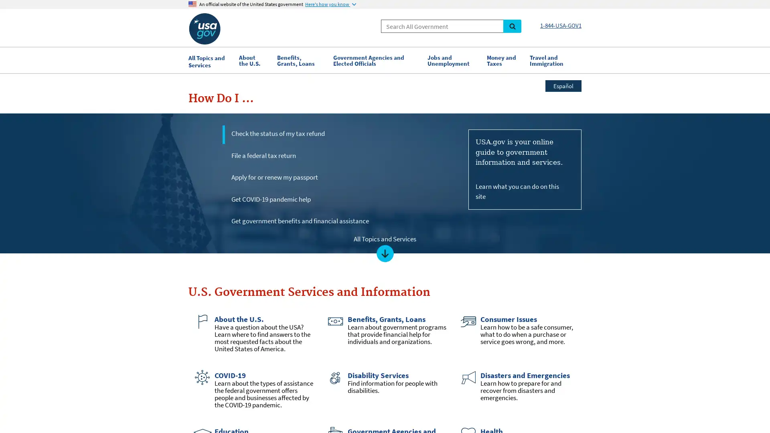  I want to click on Money and Taxes, so click(504, 60).